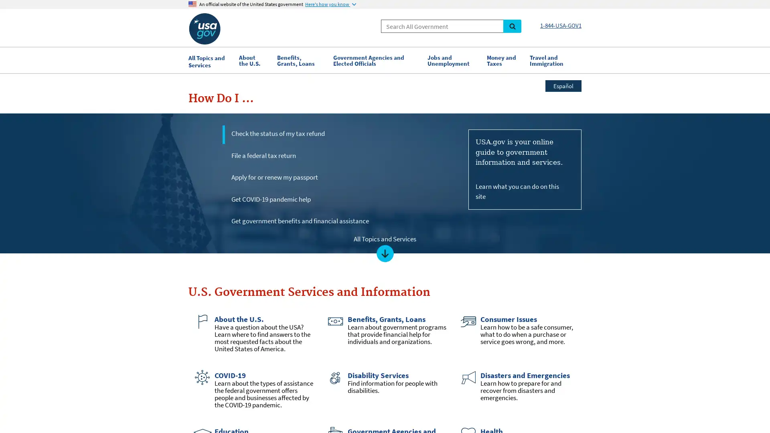  I want to click on Money and Taxes, so click(504, 60).